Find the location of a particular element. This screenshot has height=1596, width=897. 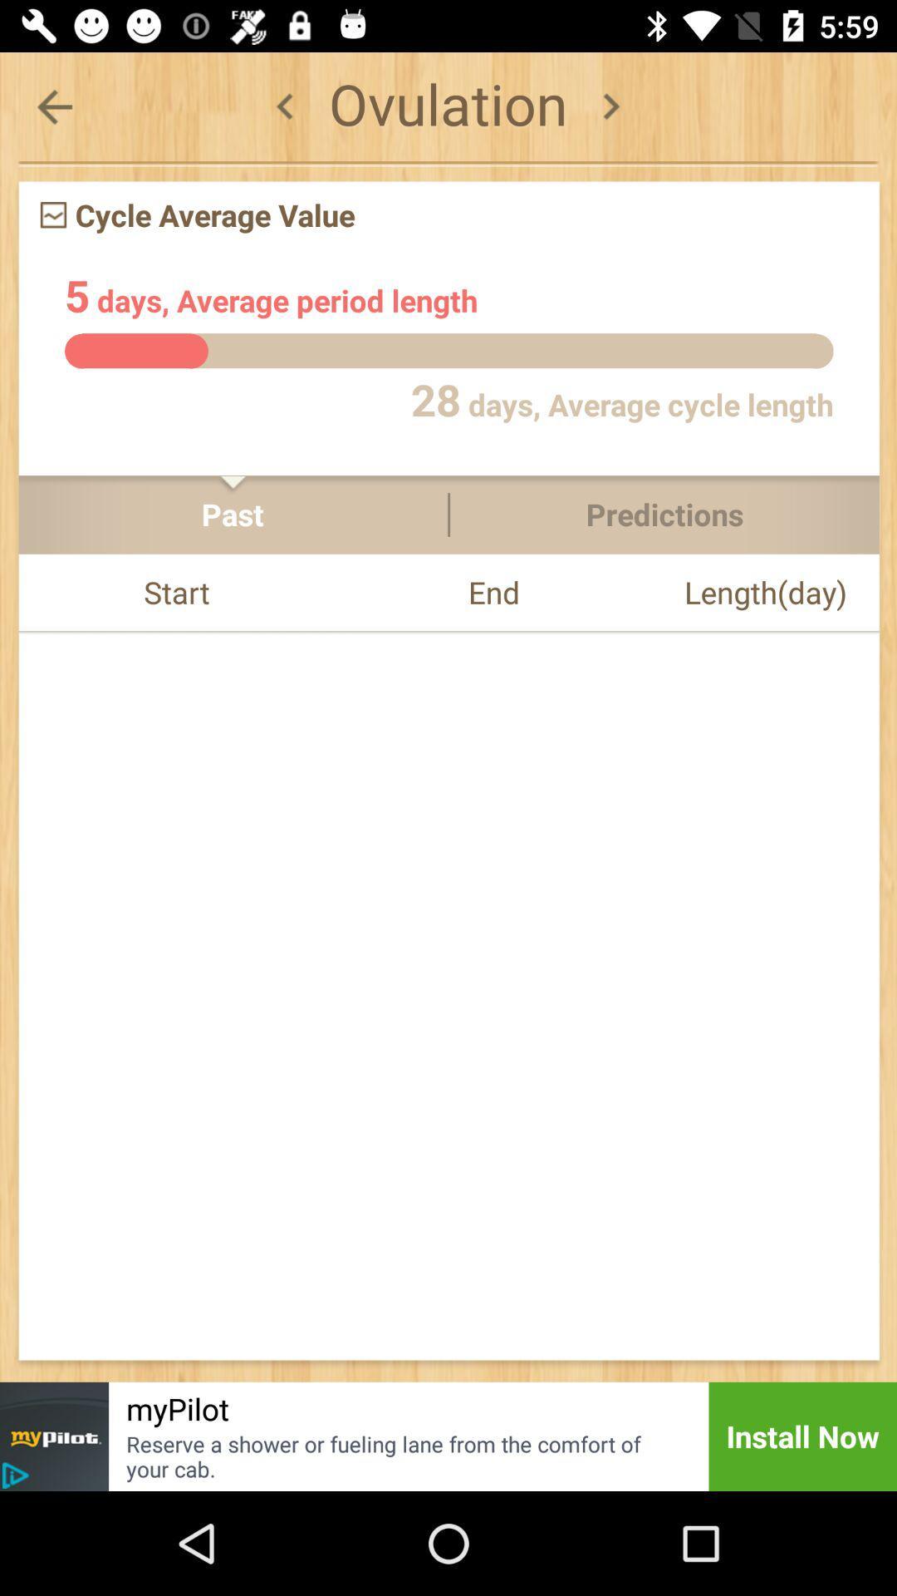

the play icon is located at coordinates (15, 1475).